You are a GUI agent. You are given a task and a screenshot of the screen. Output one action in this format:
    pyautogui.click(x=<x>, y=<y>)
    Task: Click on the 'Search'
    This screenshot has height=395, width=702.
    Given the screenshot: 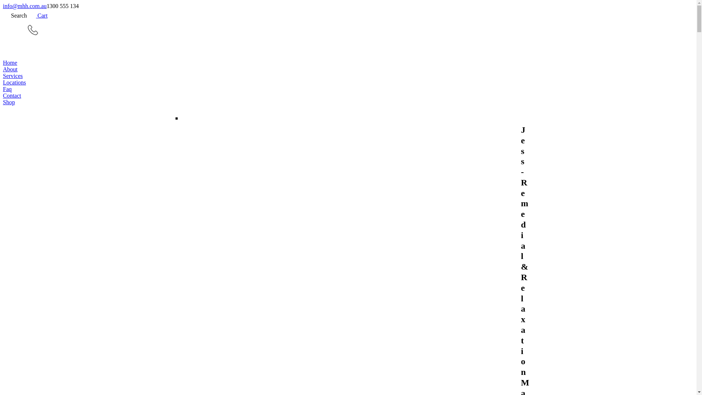 What is the action you would take?
    pyautogui.click(x=15, y=15)
    